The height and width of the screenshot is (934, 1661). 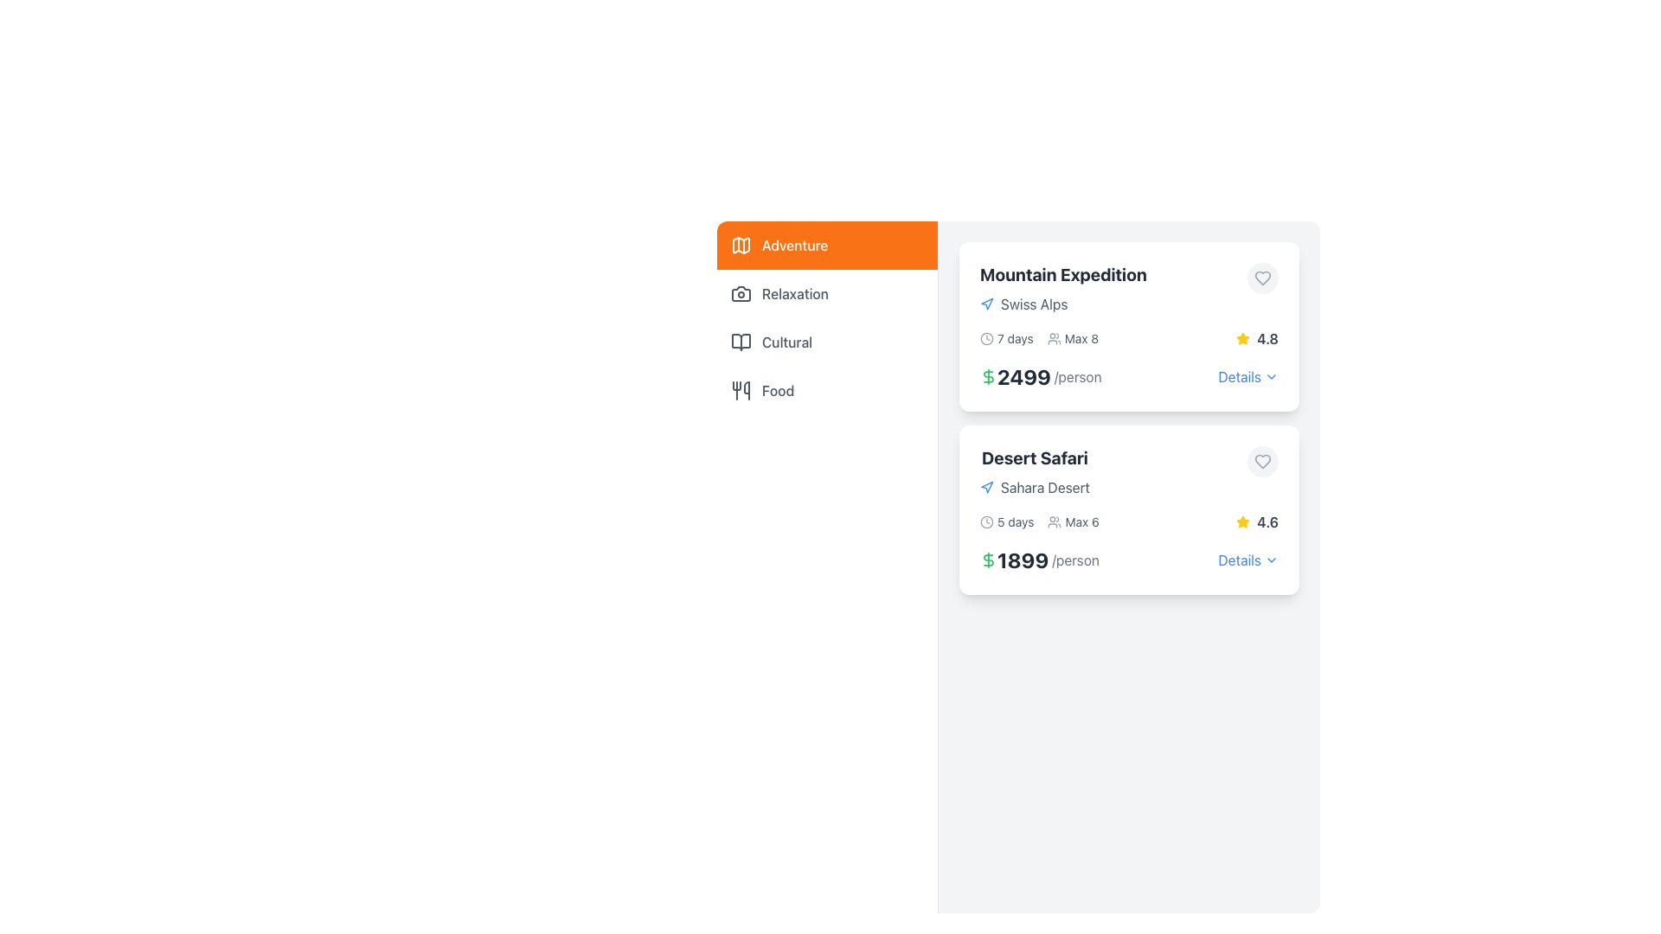 What do you see at coordinates (1072, 339) in the screenshot?
I see `the static text element indicating the maximum number of participants allowed for the Mountain Expedition trip, located on the right side after the '7 days' information` at bounding box center [1072, 339].